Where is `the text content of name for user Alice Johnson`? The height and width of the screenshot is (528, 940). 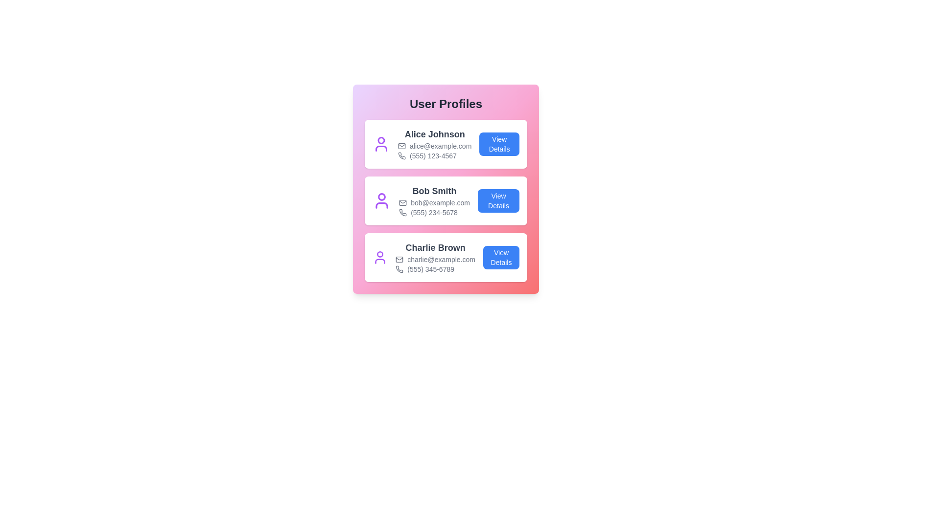
the text content of name for user Alice Johnson is located at coordinates (434, 134).